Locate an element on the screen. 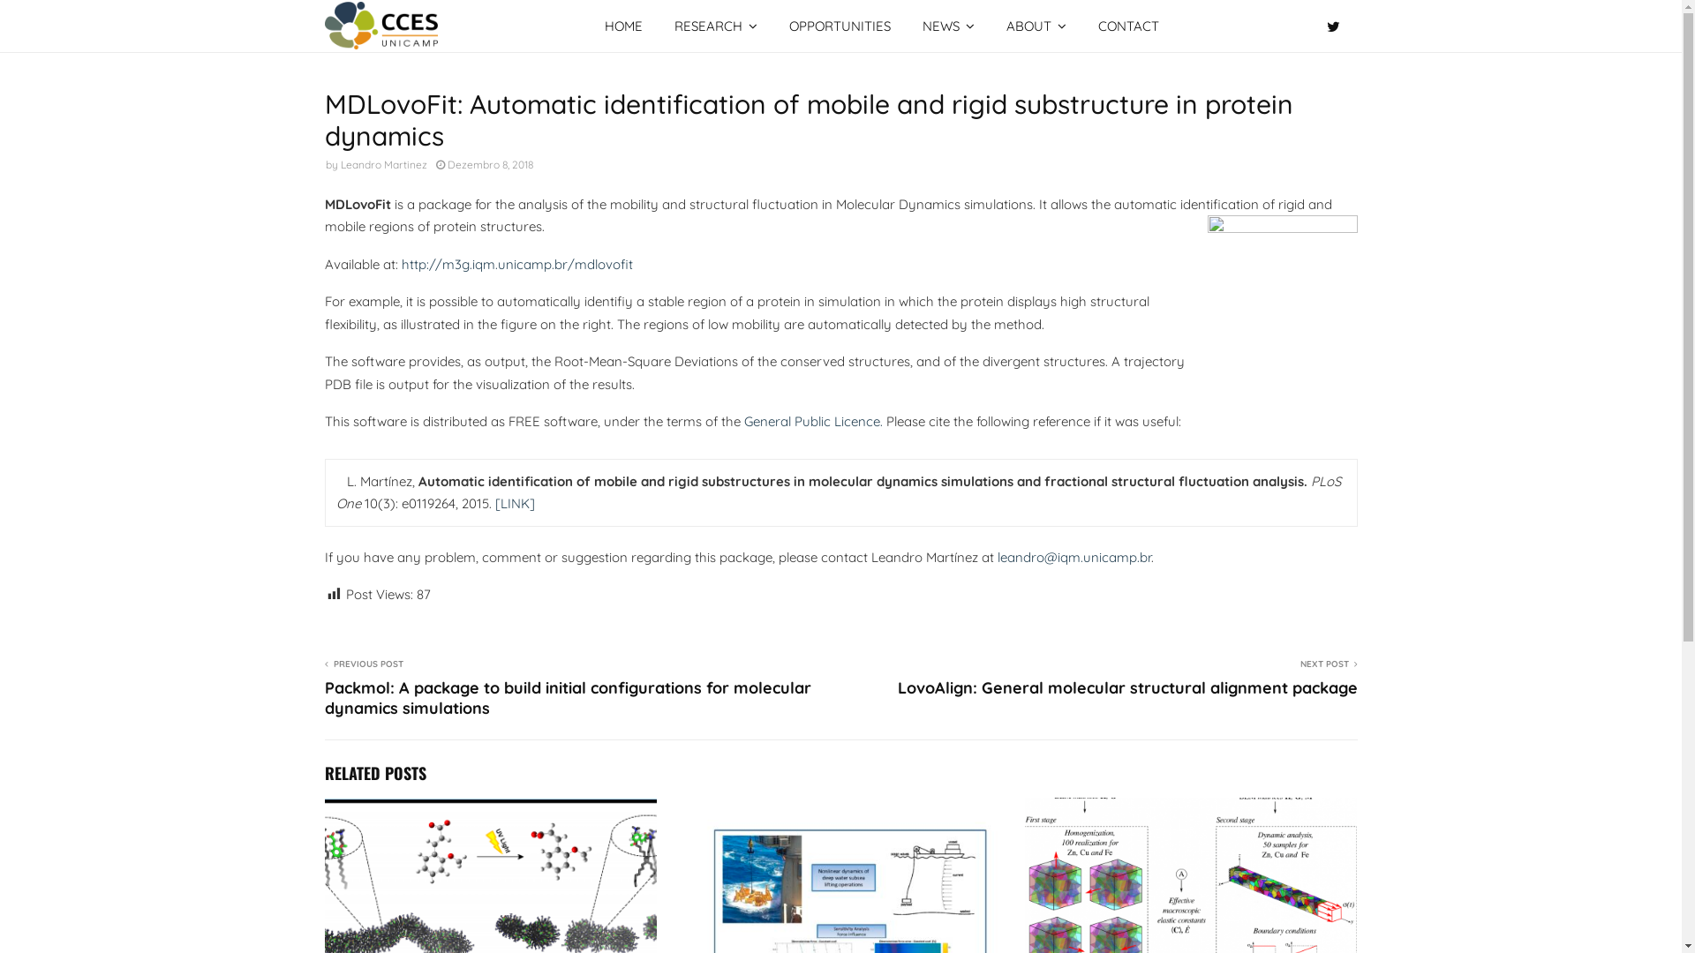  'Leandro Martinez' is located at coordinates (340, 164).